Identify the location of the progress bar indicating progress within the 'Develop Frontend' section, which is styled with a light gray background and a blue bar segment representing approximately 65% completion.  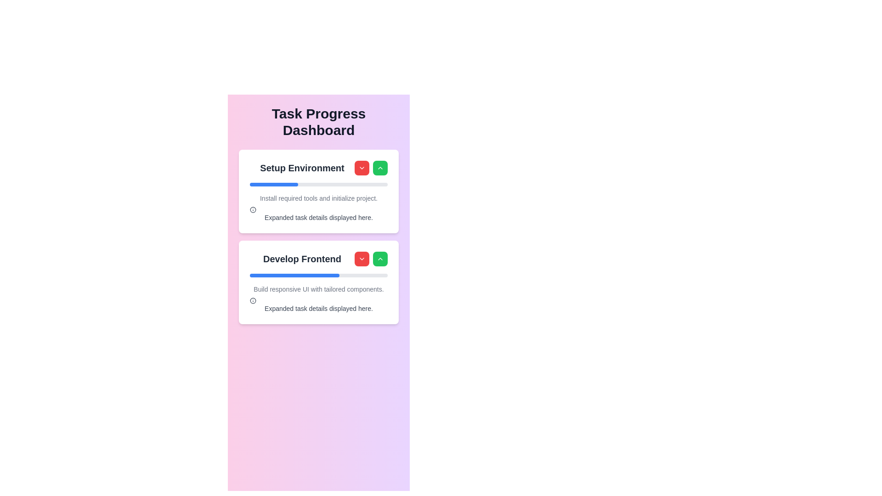
(319, 275).